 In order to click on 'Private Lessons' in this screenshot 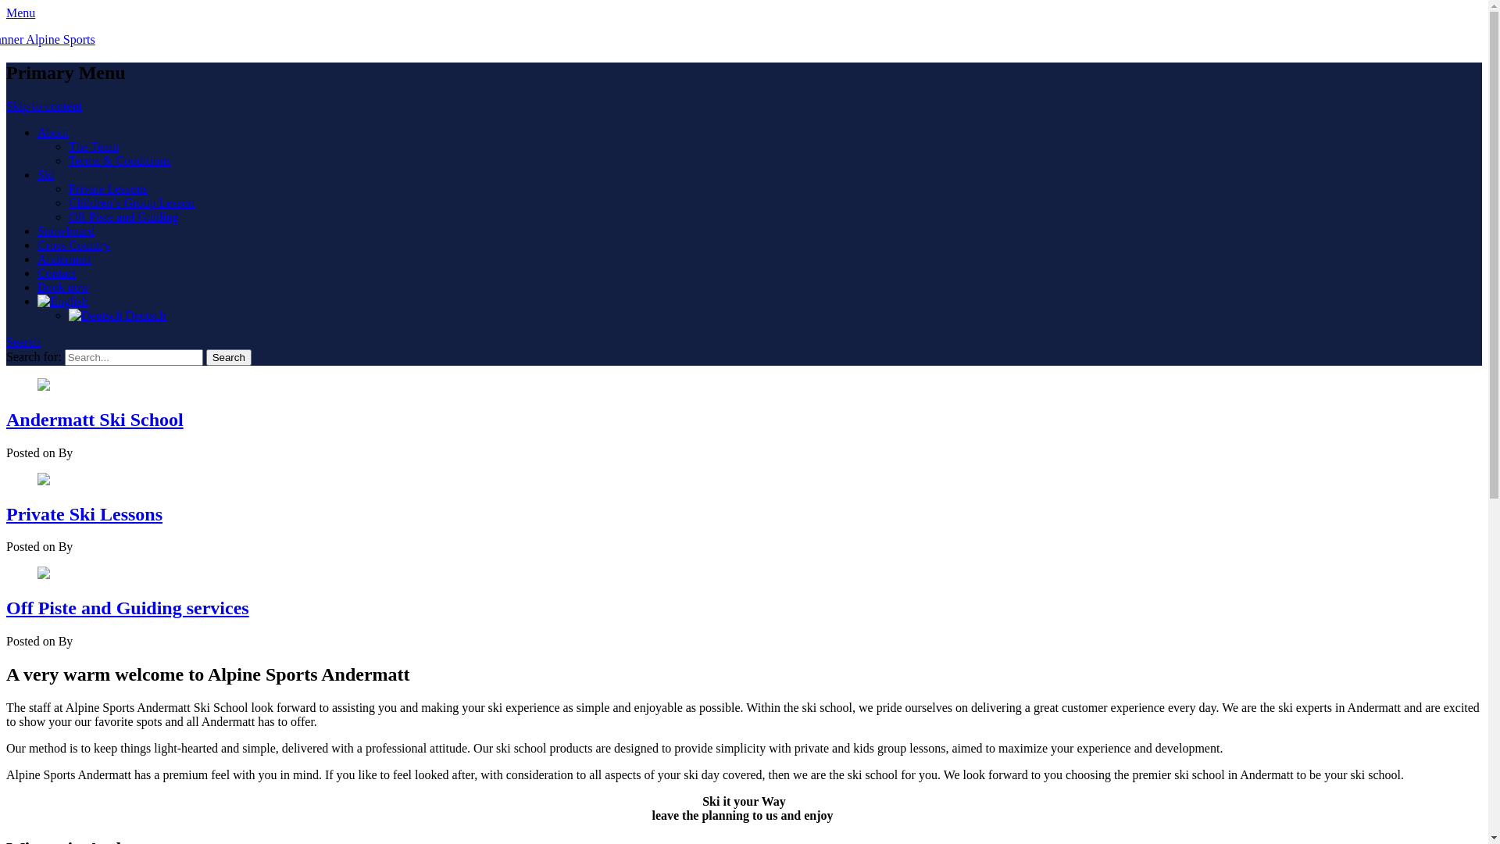, I will do `click(107, 188)`.